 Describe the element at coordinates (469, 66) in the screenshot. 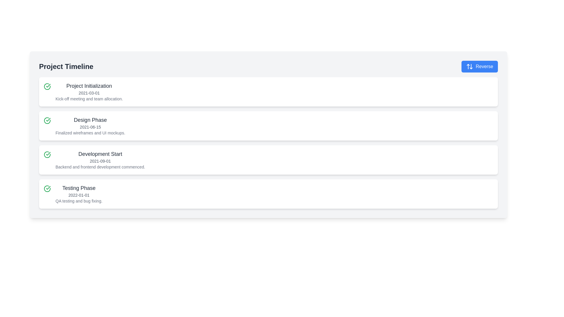

I see `the white icon styled as two opposing arrows (up and down) located within the blue 'Reverse' button, positioned to the left of the button's text` at that location.